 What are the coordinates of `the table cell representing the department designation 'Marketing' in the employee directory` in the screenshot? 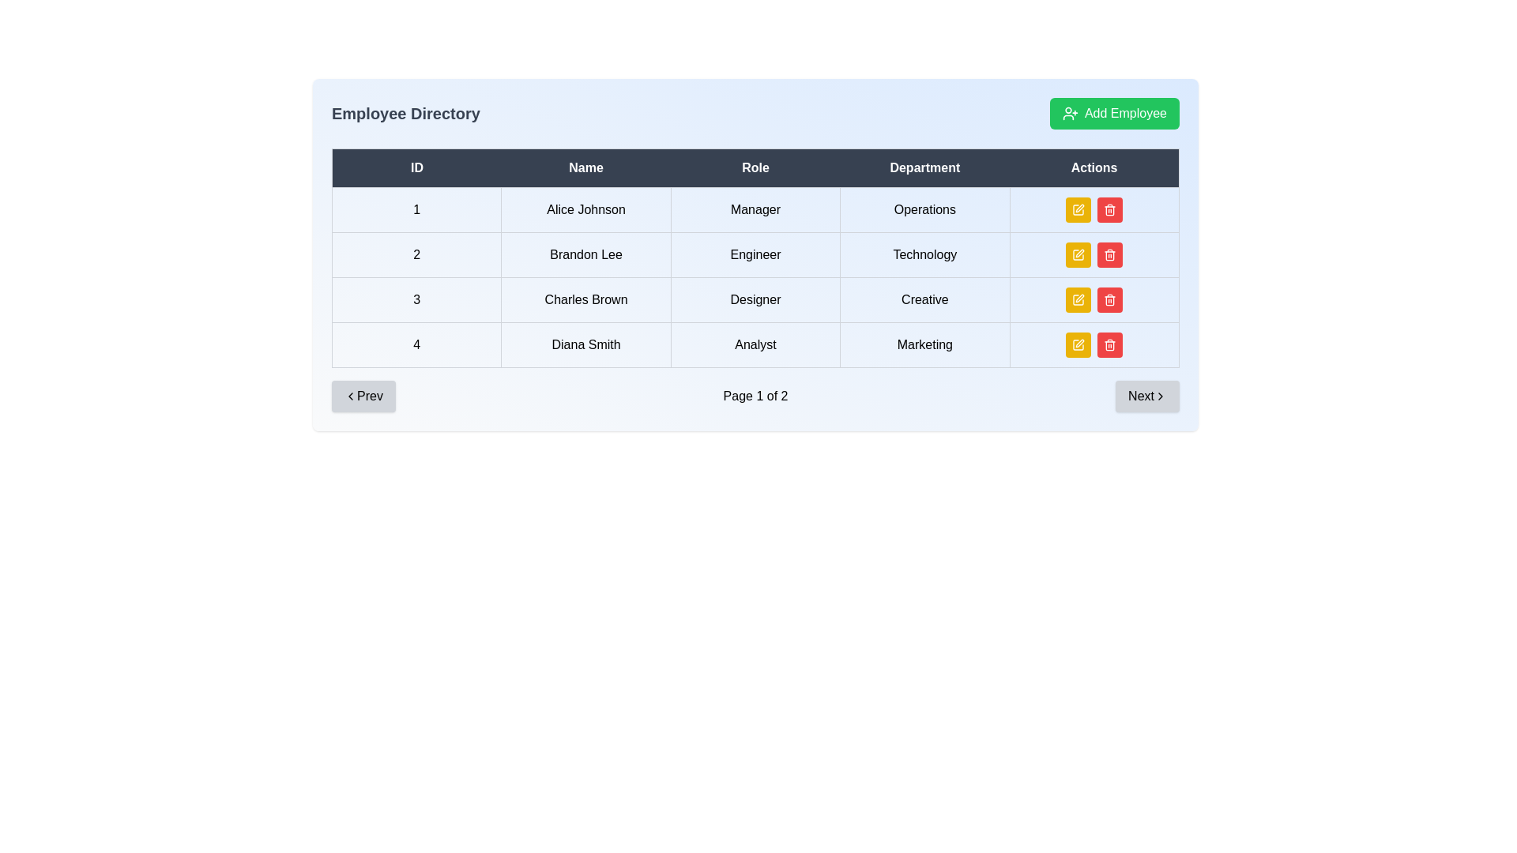 It's located at (924, 344).